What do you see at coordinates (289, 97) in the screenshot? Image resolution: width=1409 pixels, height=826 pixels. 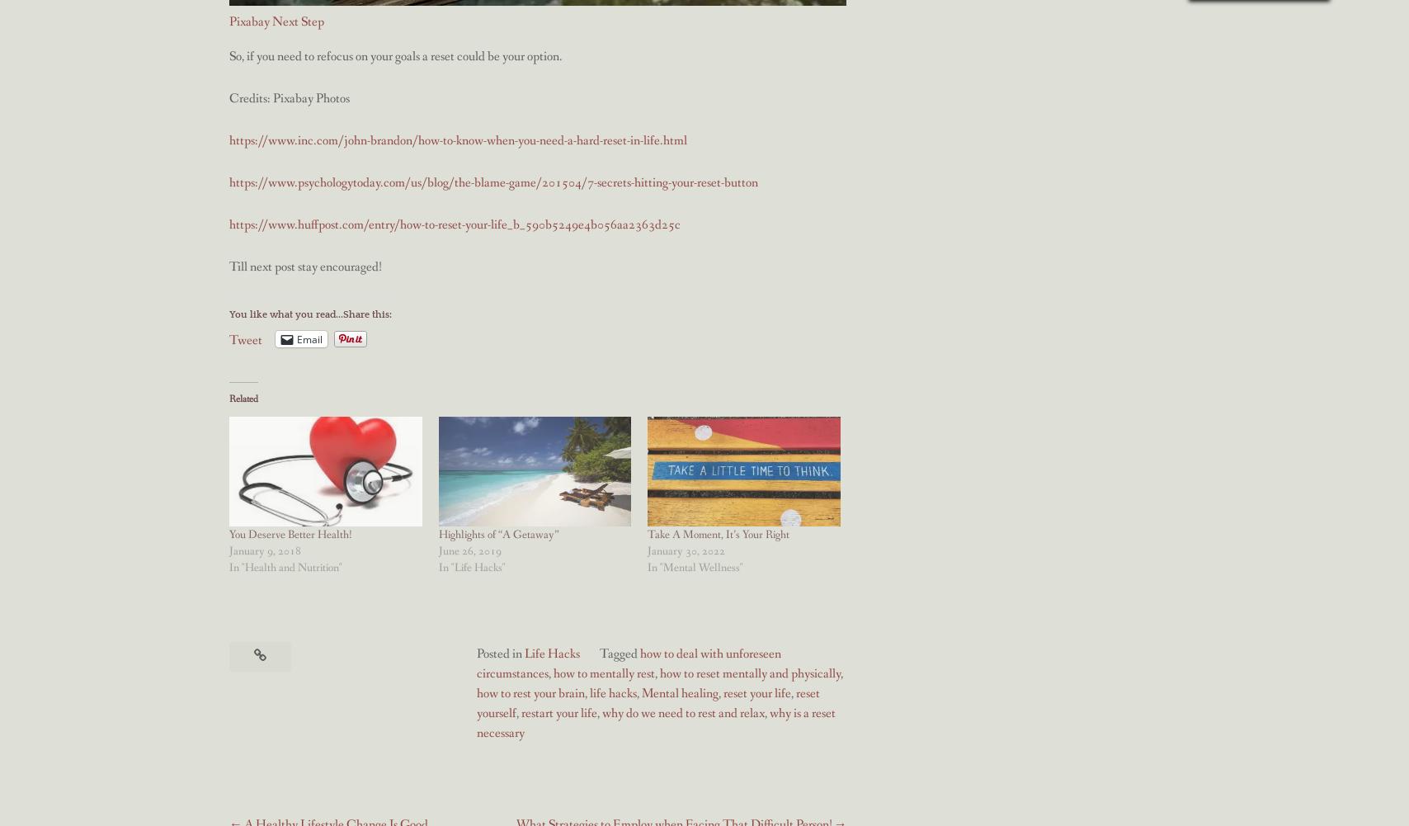 I see `'Credits: Pixabay Photos'` at bounding box center [289, 97].